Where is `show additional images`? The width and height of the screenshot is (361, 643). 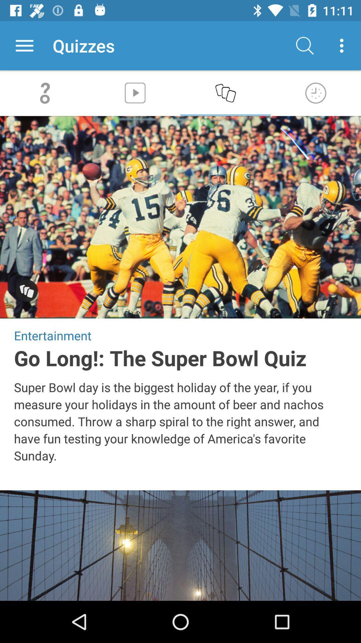
show additional images is located at coordinates (26, 291).